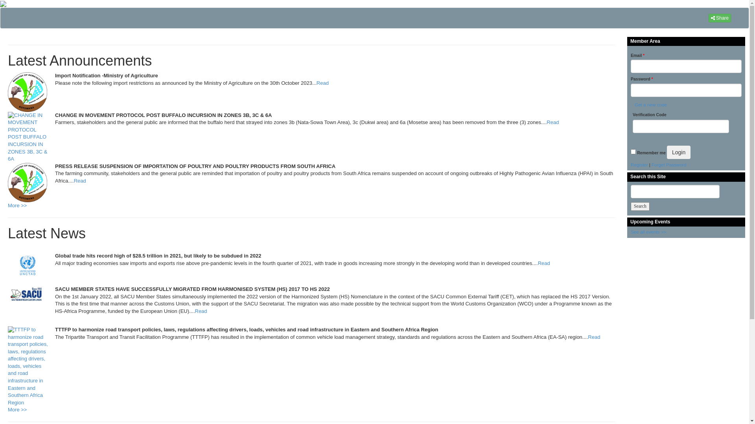  I want to click on 'Read', so click(594, 336).